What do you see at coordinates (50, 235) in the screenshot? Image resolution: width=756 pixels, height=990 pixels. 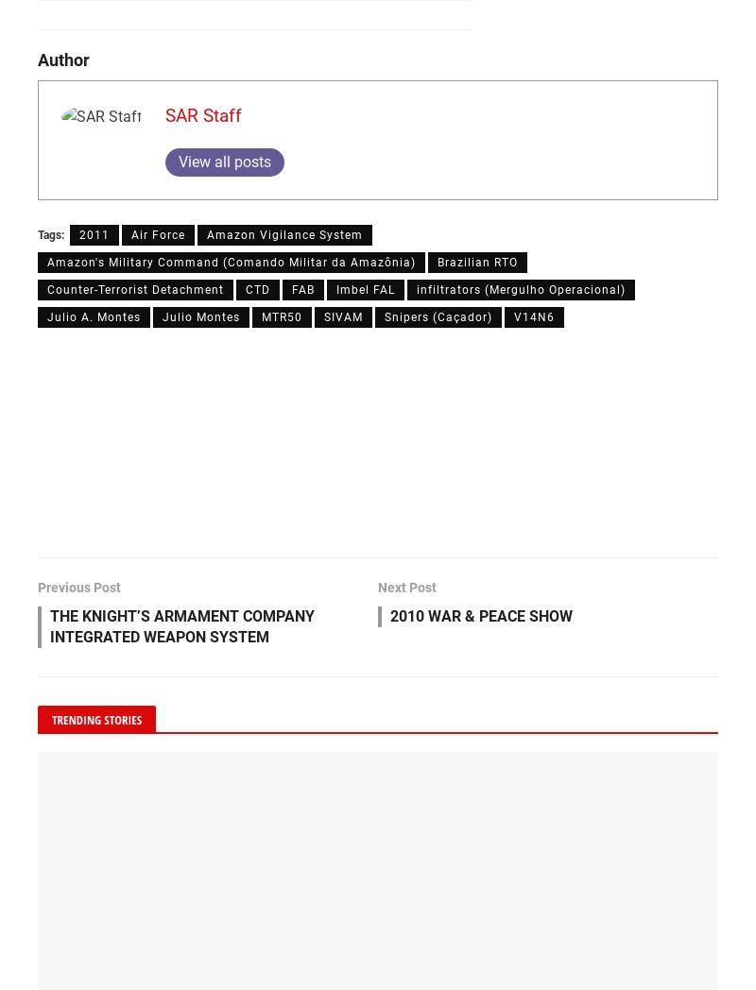 I see `'Tags:'` at bounding box center [50, 235].